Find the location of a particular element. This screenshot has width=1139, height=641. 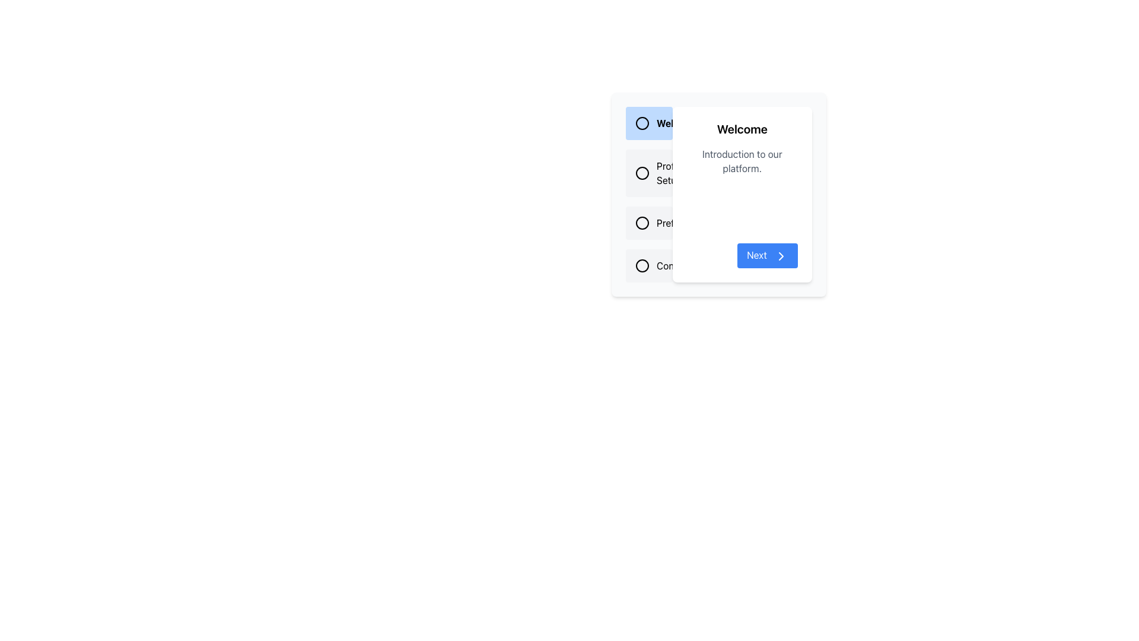

the SVG circle icon, which is the graphical portion of the fourth item in the vertical list next to the 'Contact Us' text is located at coordinates (642, 265).